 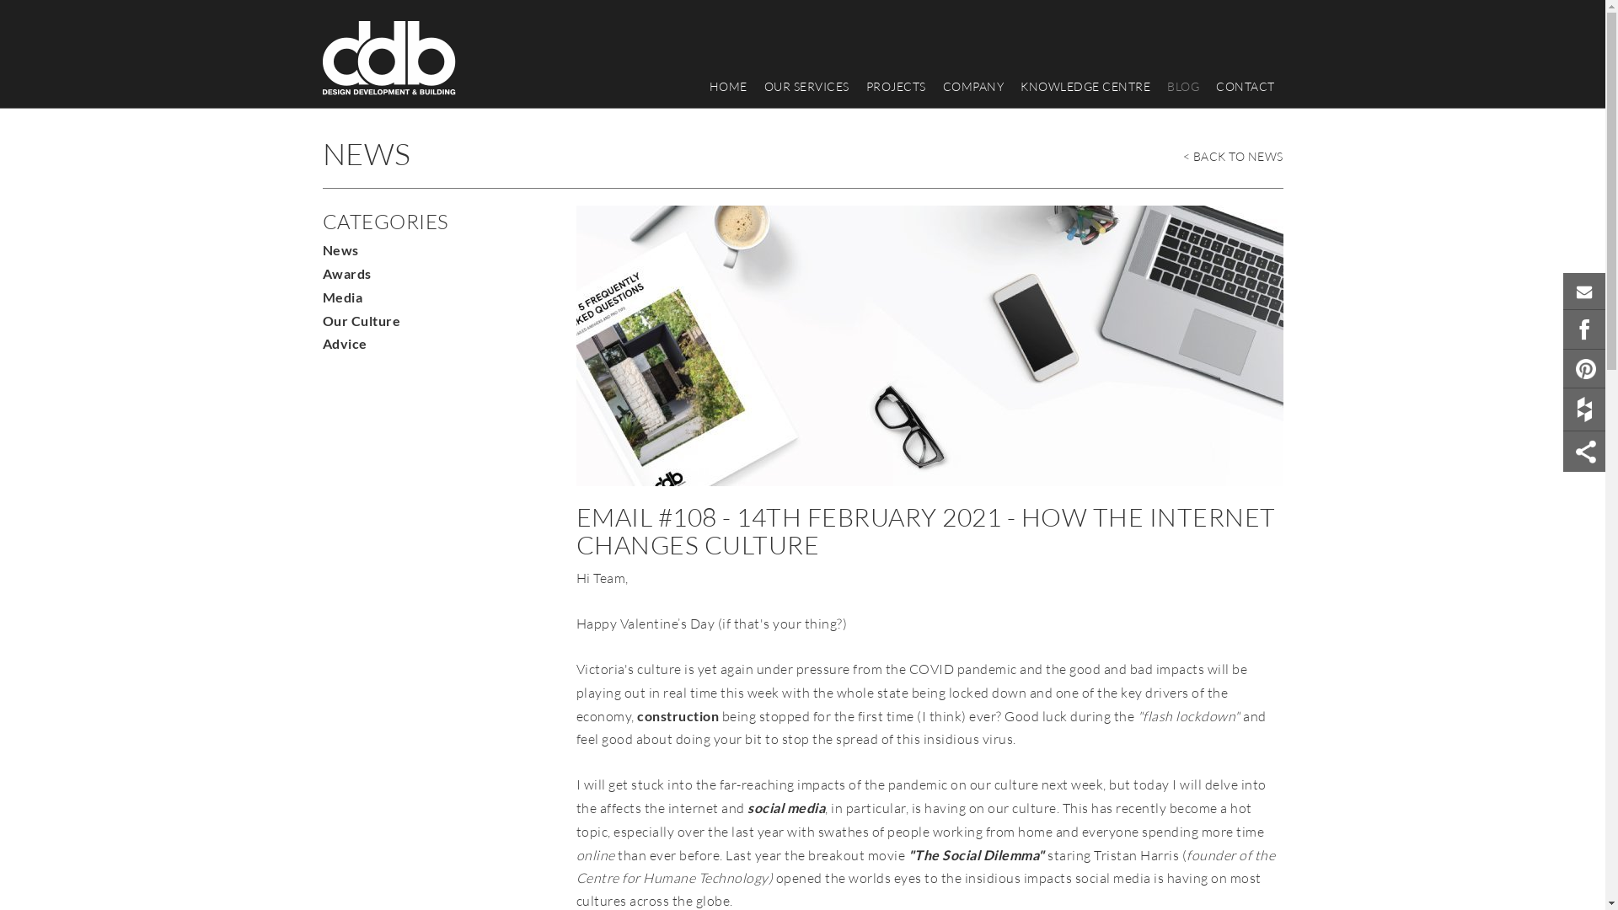 I want to click on 'Media', so click(x=341, y=296).